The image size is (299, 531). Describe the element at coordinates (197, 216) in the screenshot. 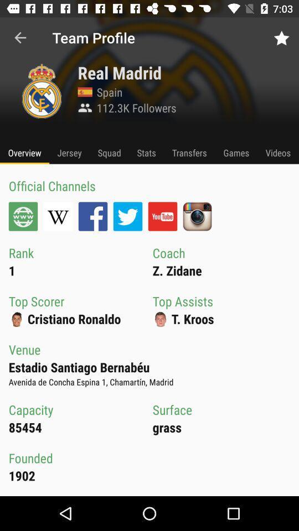

I see `instagram profile` at that location.